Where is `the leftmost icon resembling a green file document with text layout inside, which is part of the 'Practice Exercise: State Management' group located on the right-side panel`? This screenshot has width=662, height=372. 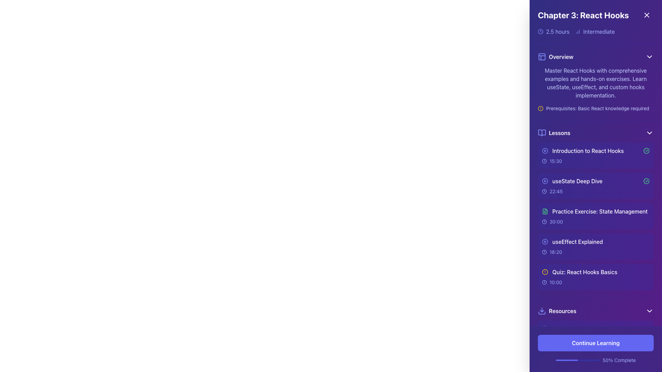
the leftmost icon resembling a green file document with text layout inside, which is part of the 'Practice Exercise: State Management' group located on the right-side panel is located at coordinates (544, 211).